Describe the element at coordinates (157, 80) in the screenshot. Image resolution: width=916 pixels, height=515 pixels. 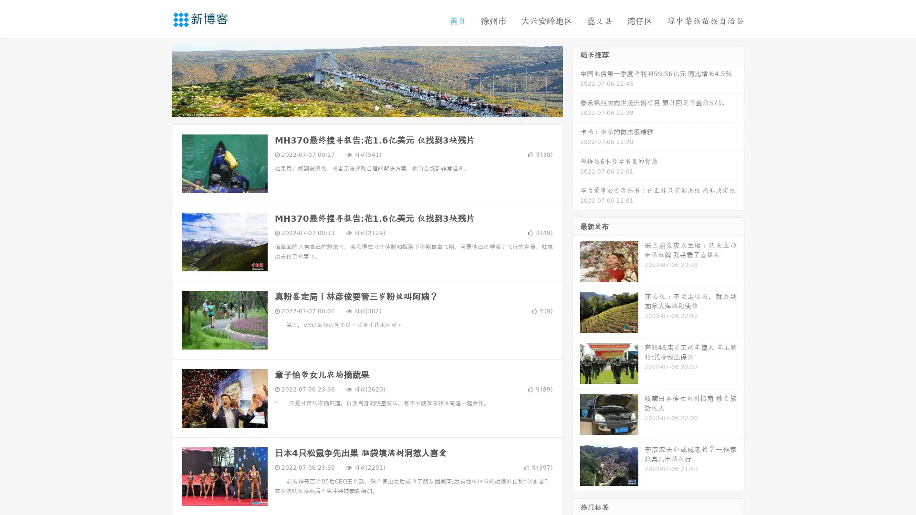
I see `Previous slide` at that location.